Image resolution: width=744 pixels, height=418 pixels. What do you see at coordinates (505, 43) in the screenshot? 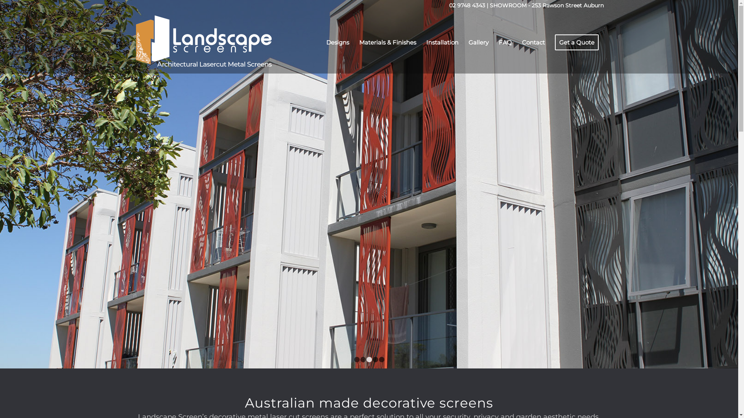
I see `'FAQ'` at bounding box center [505, 43].